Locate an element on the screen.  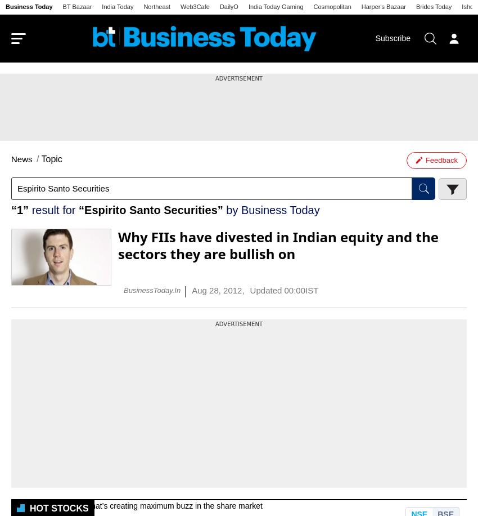
'Most active stocks that’s creating maximum buzz in the share market' is located at coordinates (142, 505).